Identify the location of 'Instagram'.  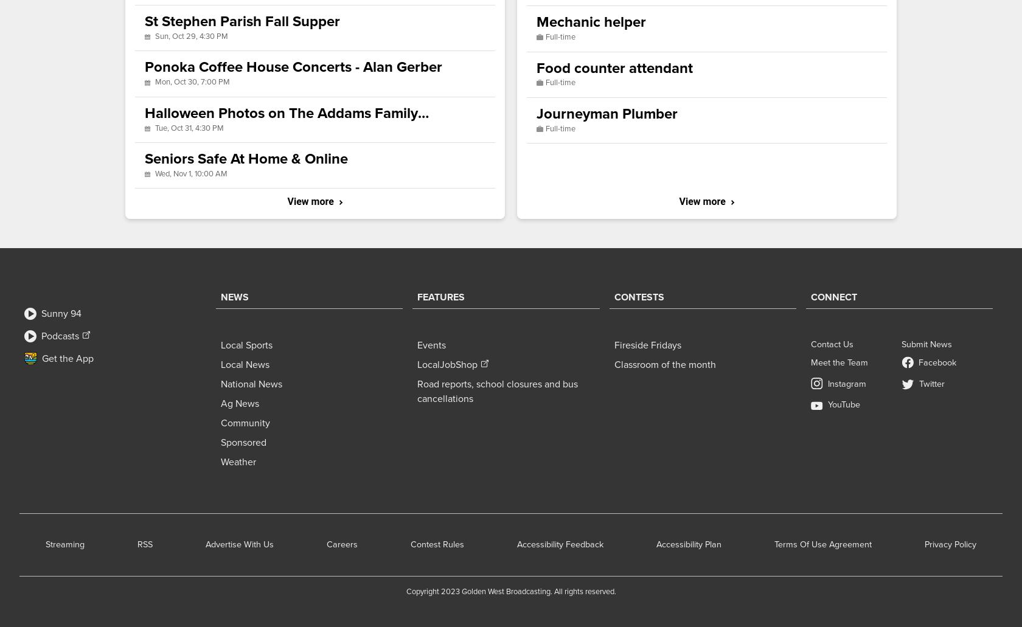
(846, 383).